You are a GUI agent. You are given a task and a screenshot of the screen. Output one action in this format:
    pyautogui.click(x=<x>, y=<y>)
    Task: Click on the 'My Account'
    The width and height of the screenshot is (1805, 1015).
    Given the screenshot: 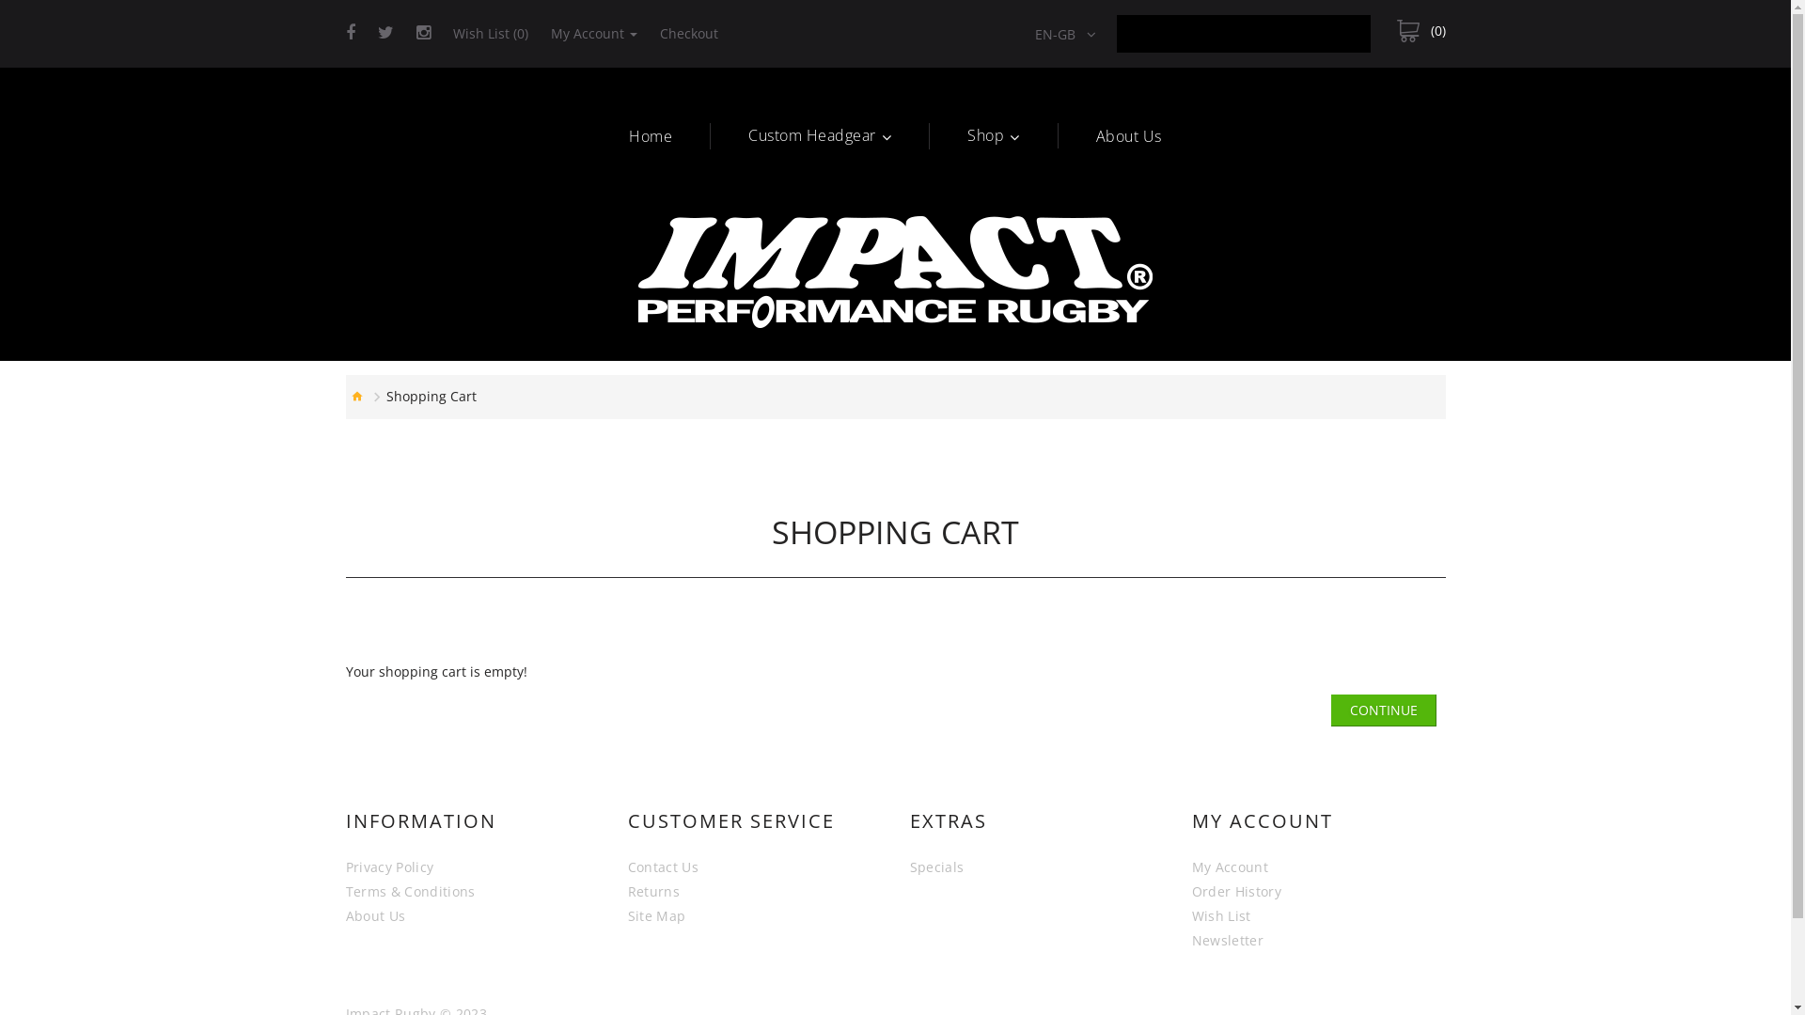 What is the action you would take?
    pyautogui.click(x=593, y=33)
    